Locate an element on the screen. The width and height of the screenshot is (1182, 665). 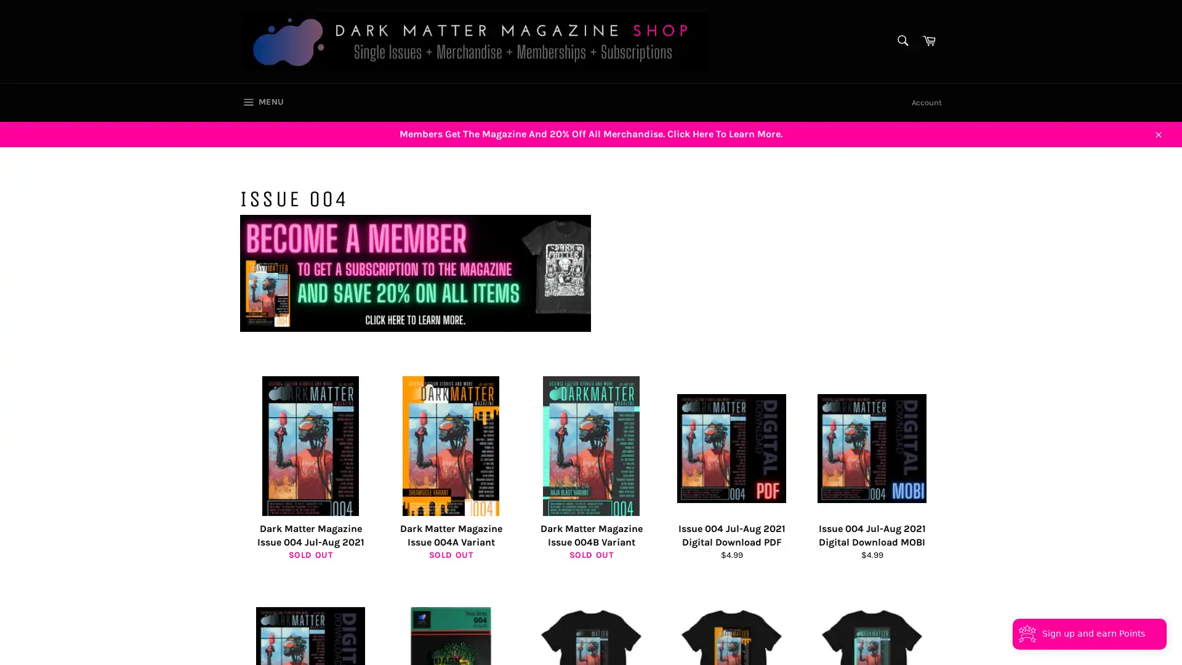
Close is located at coordinates (1157, 132).